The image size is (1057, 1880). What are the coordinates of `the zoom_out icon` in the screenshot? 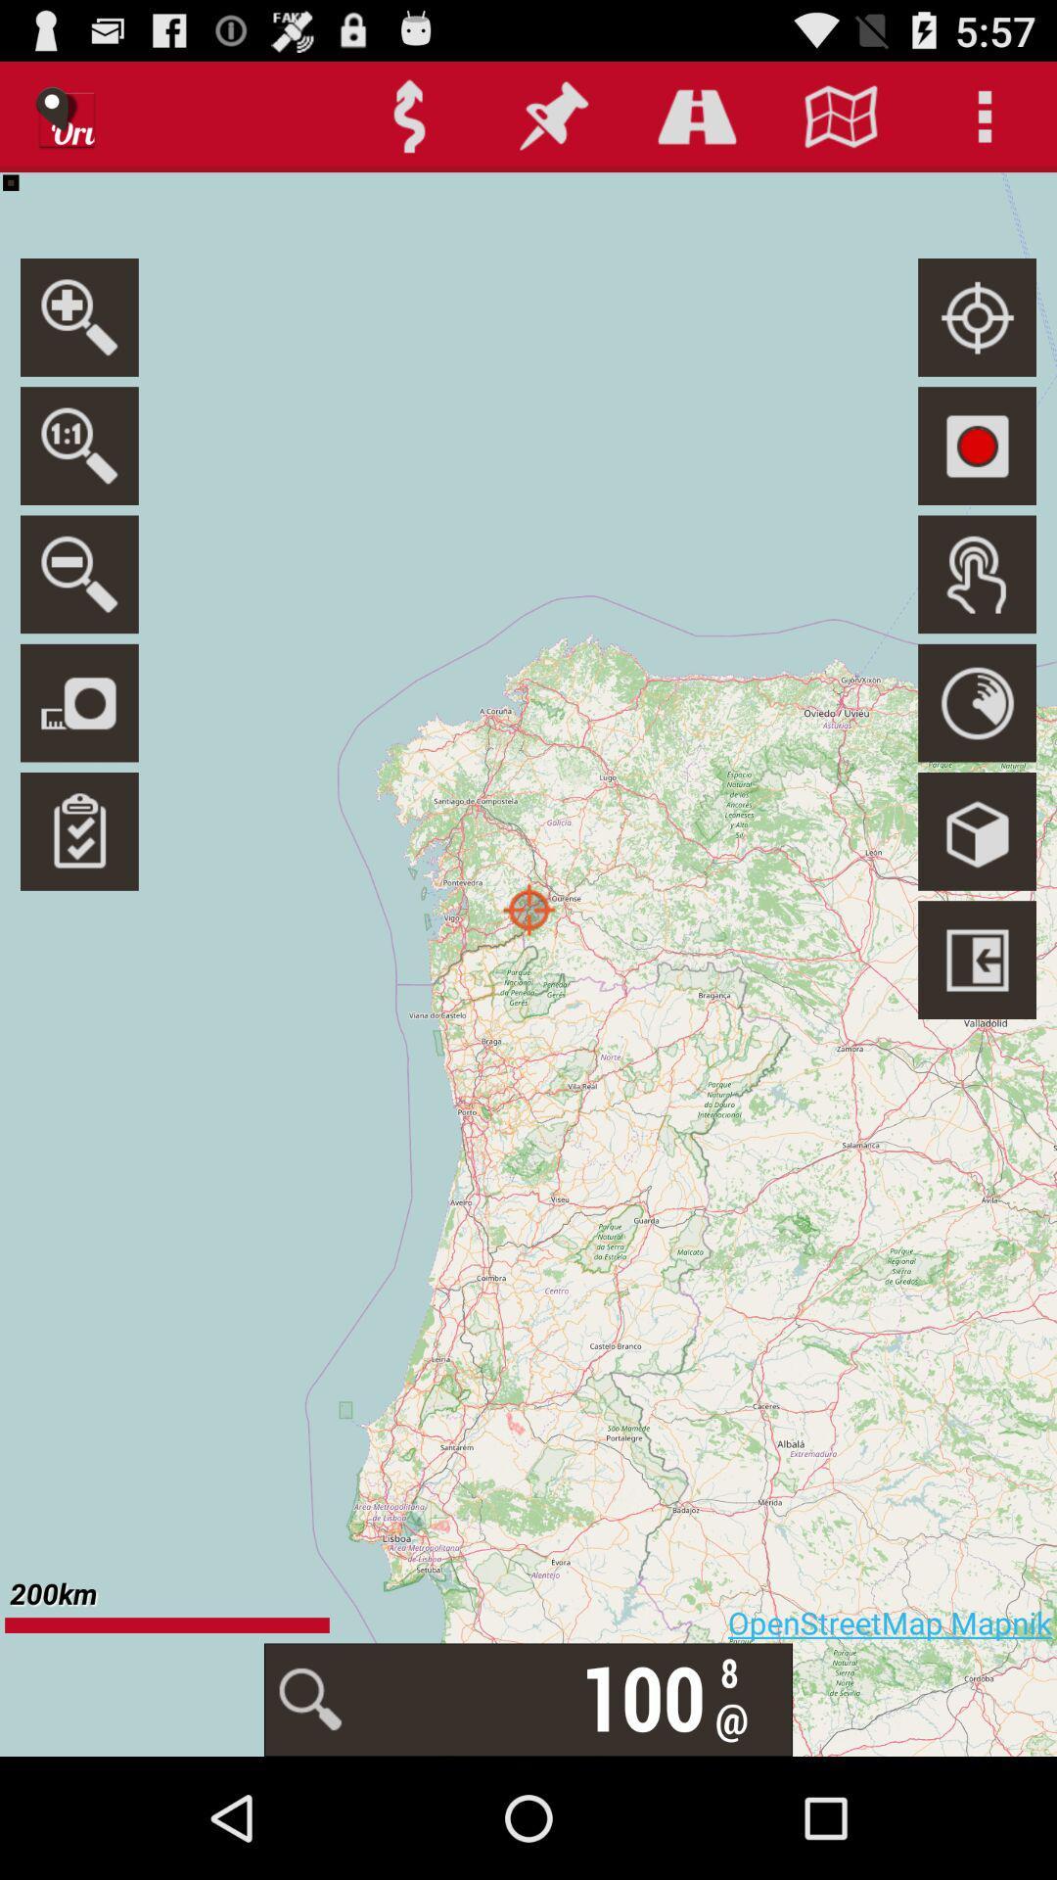 It's located at (78, 614).